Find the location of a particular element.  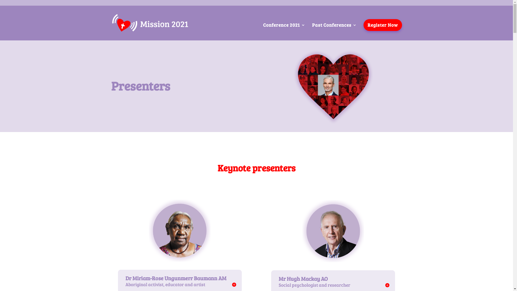

'Conference 2021' is located at coordinates (263, 32).